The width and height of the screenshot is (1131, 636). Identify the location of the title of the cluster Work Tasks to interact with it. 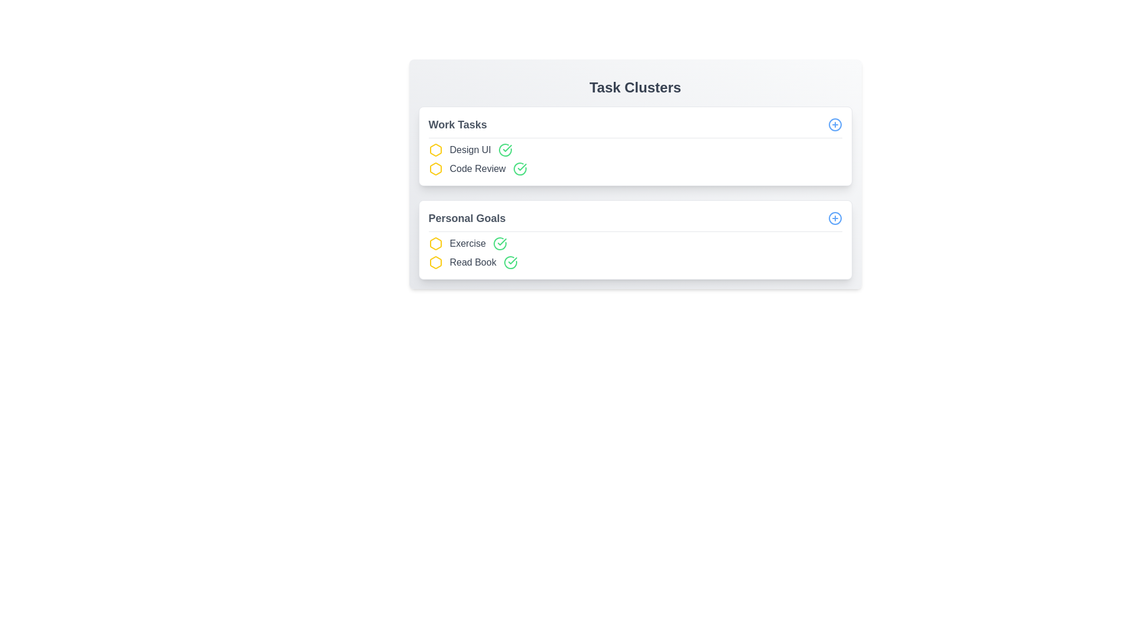
(457, 125).